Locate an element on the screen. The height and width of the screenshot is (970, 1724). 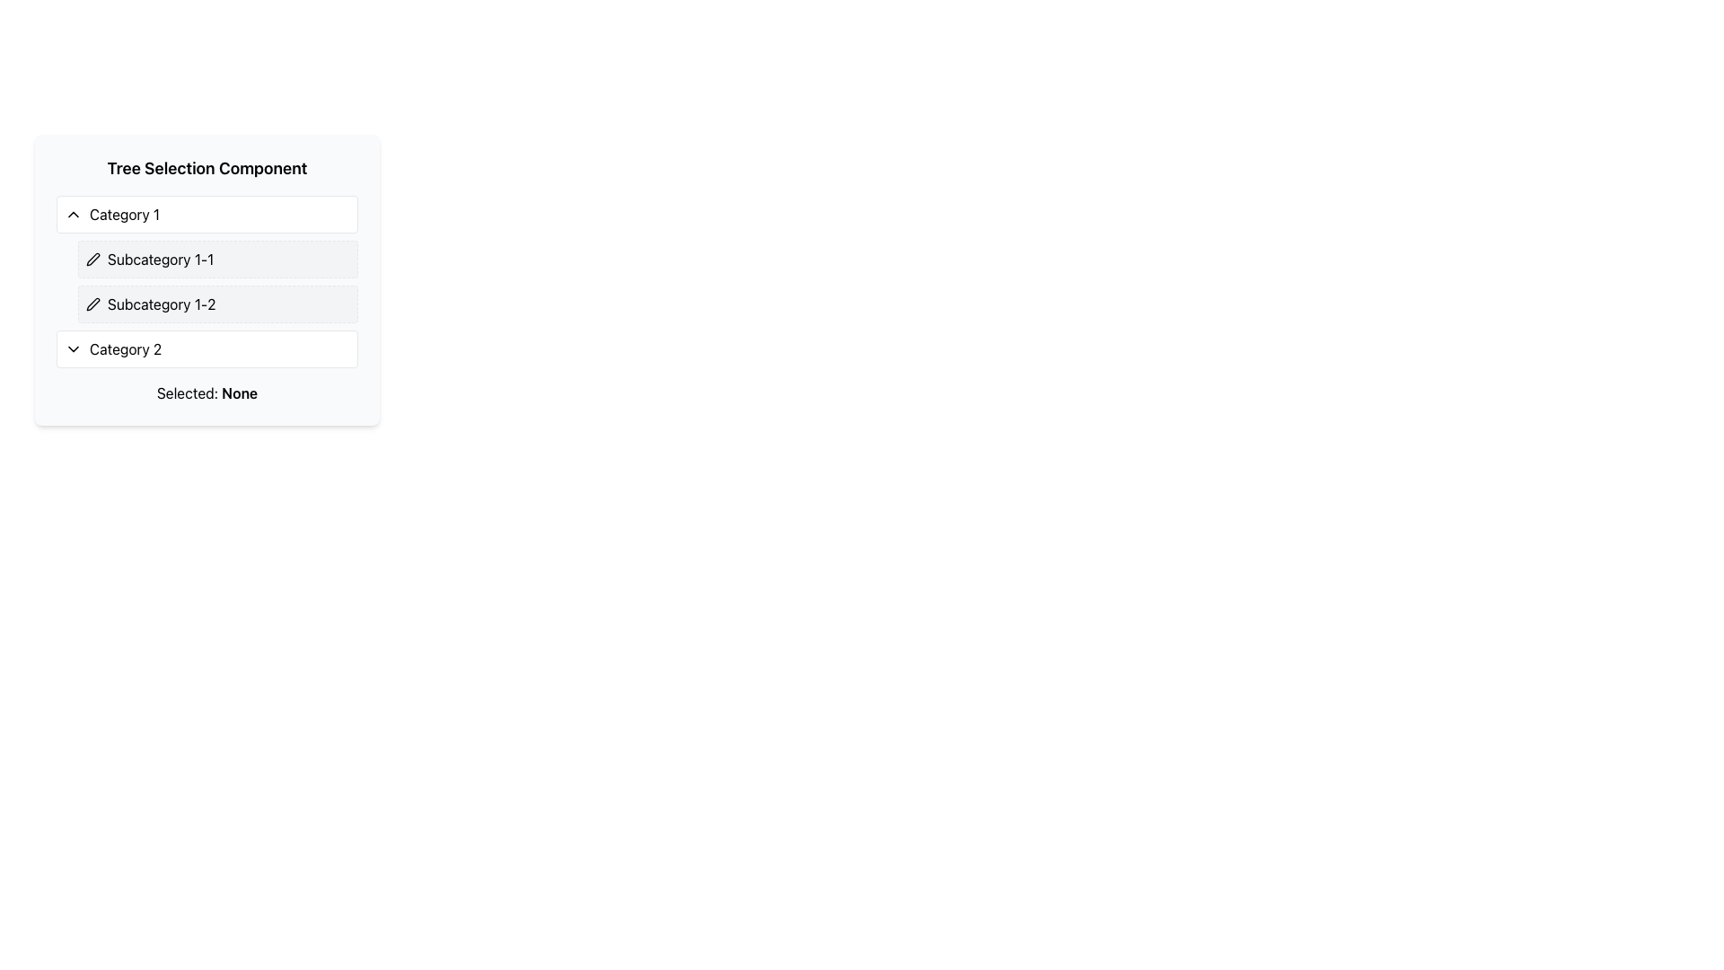
the first subcategory item within 'Category 1' is located at coordinates (217, 260).